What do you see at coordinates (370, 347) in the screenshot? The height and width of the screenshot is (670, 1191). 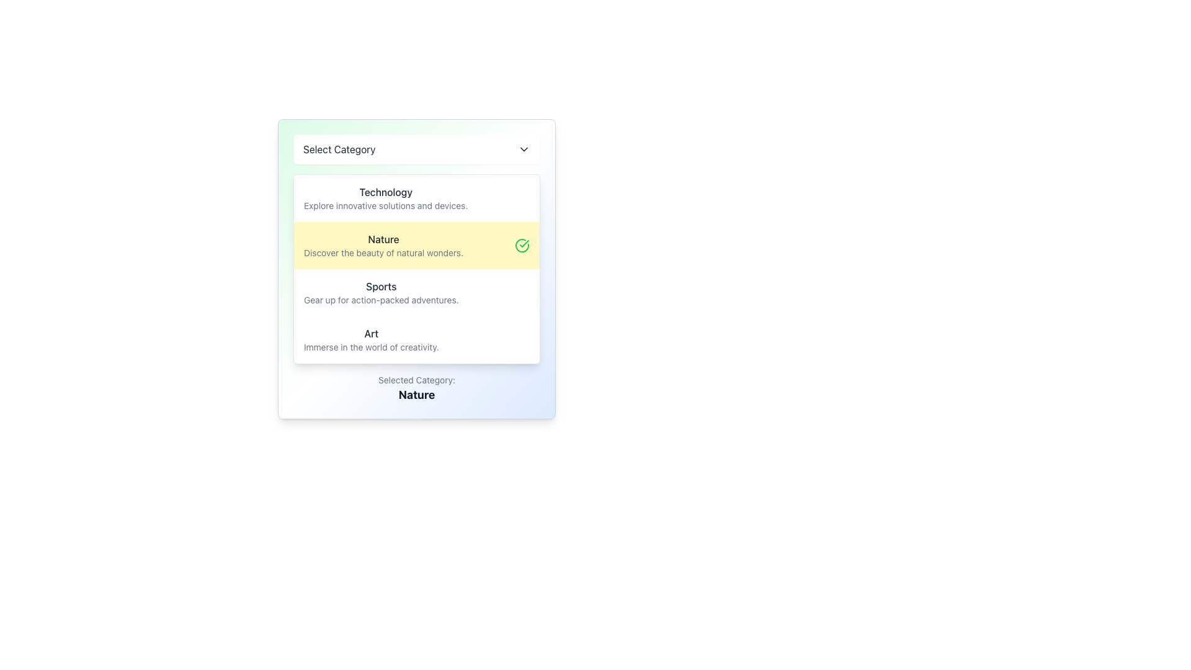 I see `the text block providing description for the 'Art' category, located under the category selection panel as the second text line` at bounding box center [370, 347].